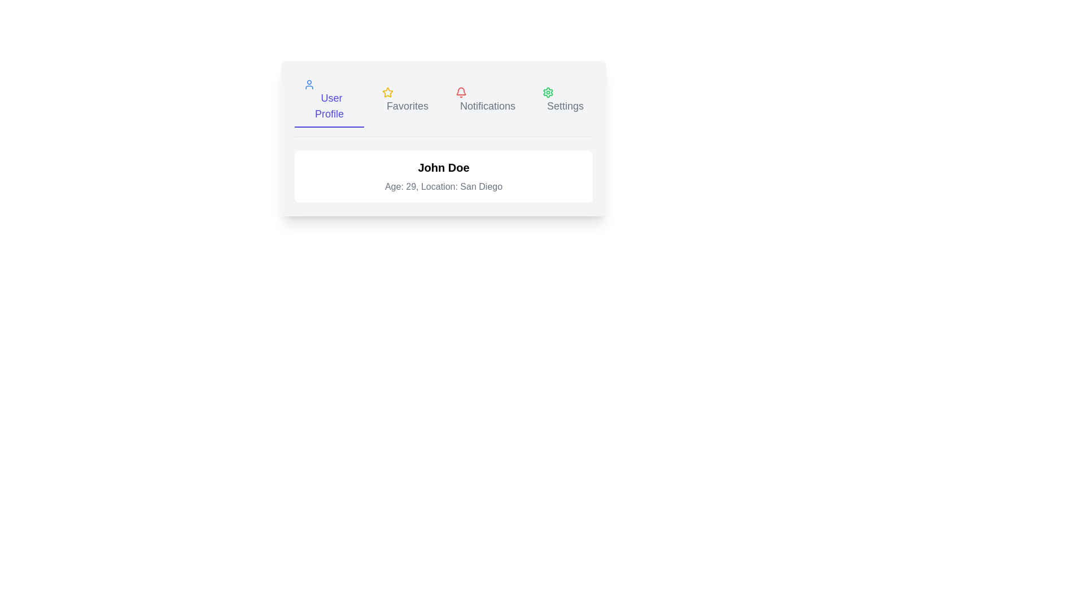 The width and height of the screenshot is (1084, 610). I want to click on the green outline gear-shaped icon next to the 'Settings' text, so click(548, 92).